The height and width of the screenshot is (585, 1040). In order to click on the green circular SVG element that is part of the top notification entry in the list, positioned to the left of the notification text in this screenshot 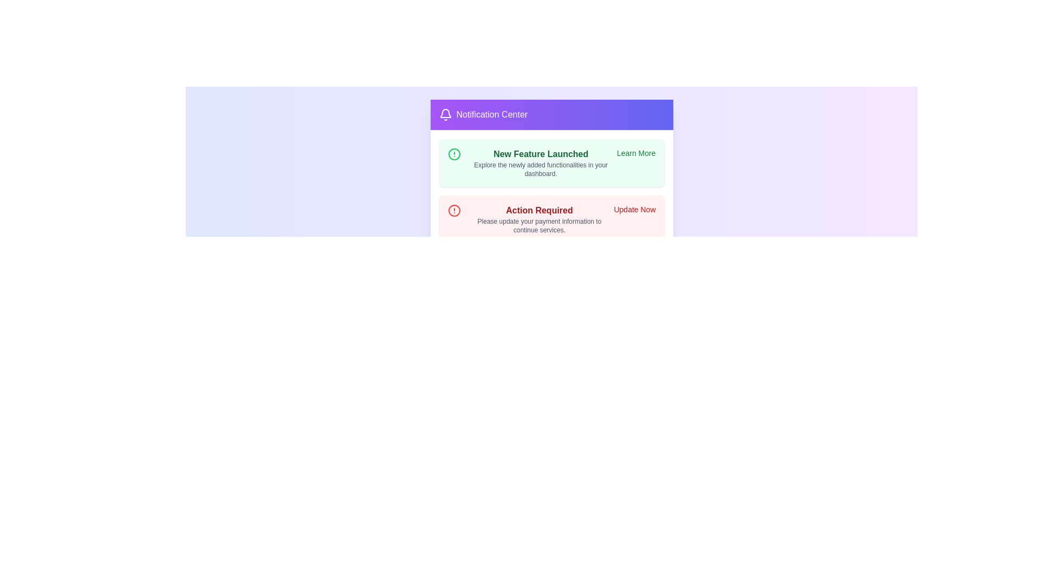, I will do `click(454, 154)`.